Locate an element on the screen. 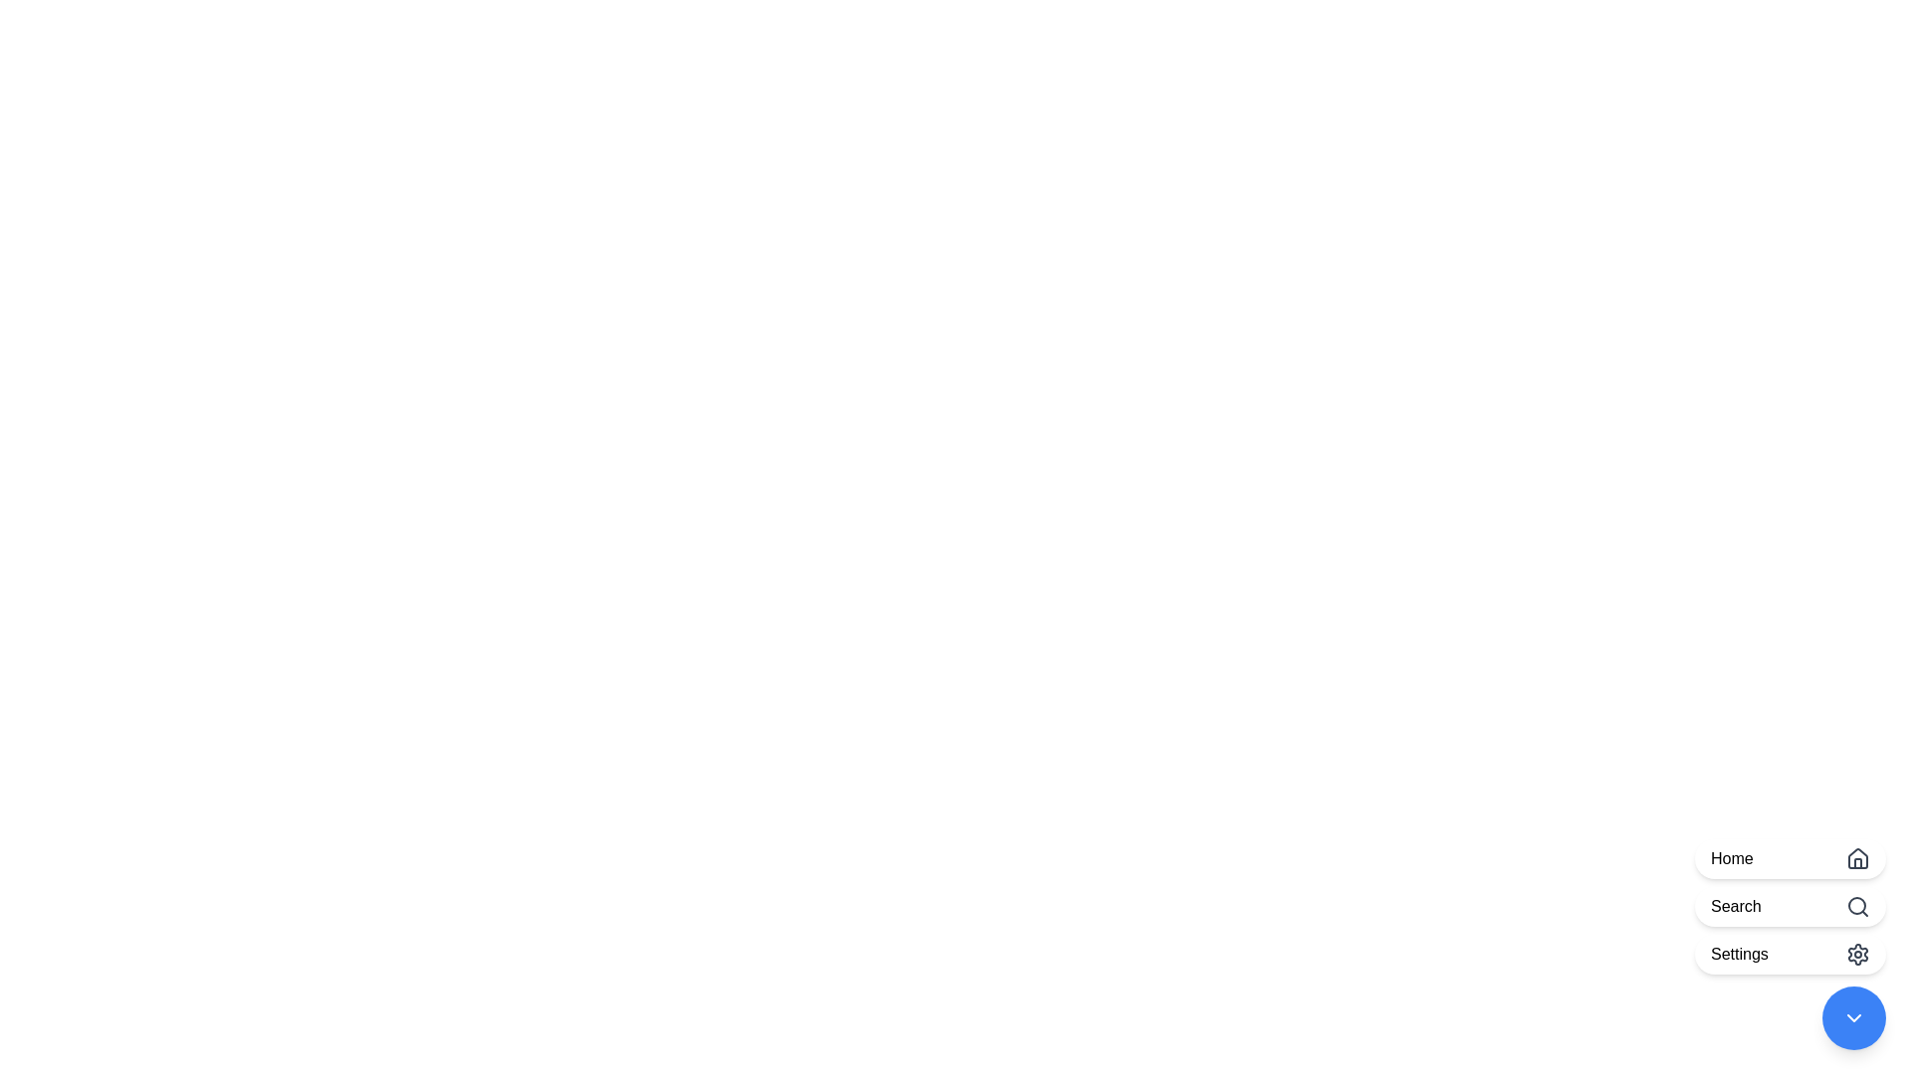 The height and width of the screenshot is (1074, 1910). the gear icon in the top-right corner of the 'Settings' button is located at coordinates (1856, 954).